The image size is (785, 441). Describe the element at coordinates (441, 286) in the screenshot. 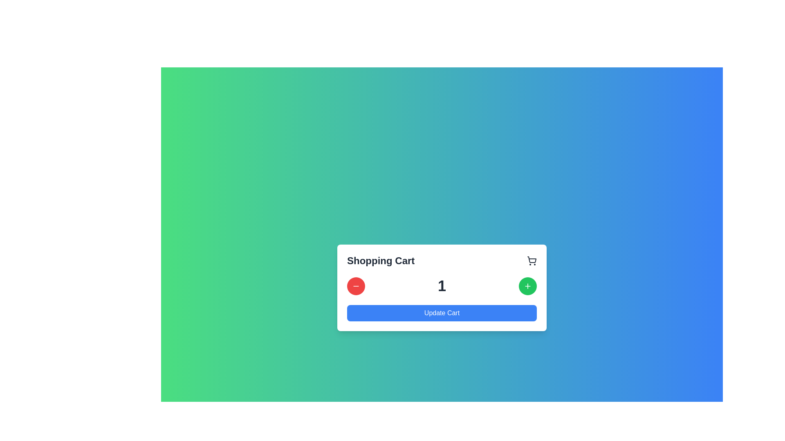

I see `the numerical display showing the value '1' in bold gray font, located centrally between the decrement and increment buttons in the Shopping Cart modal` at that location.